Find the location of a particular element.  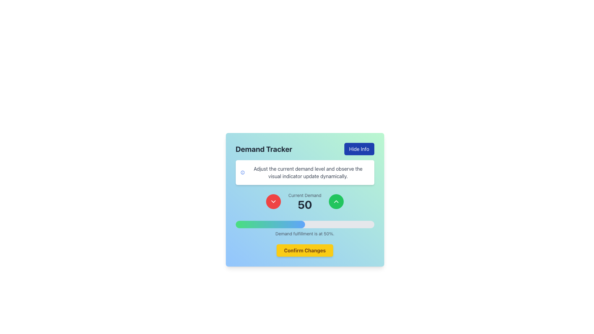

the progress bar that visually represents the current demand fulfillment percentage, which is currently set to 50% is located at coordinates (305, 224).